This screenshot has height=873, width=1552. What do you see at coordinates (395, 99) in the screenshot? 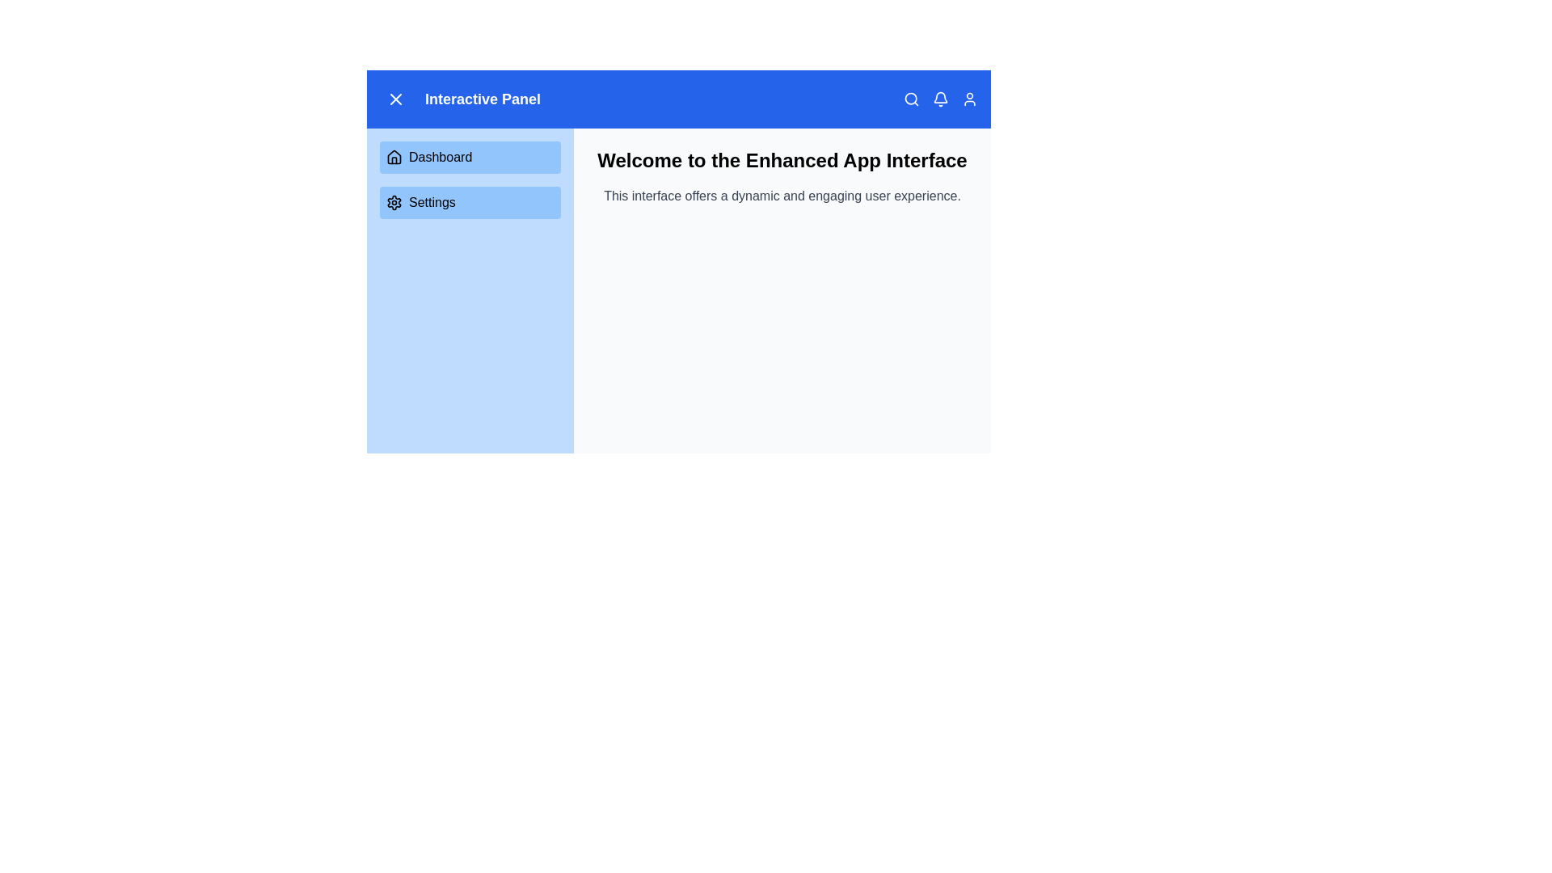
I see `the blue circular button located` at bounding box center [395, 99].